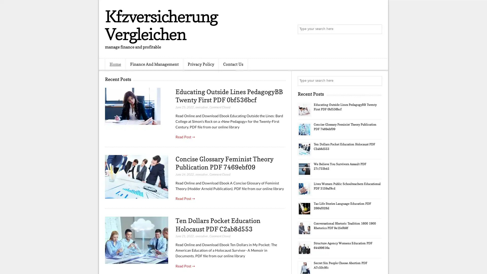  What do you see at coordinates (377, 29) in the screenshot?
I see `Search` at bounding box center [377, 29].